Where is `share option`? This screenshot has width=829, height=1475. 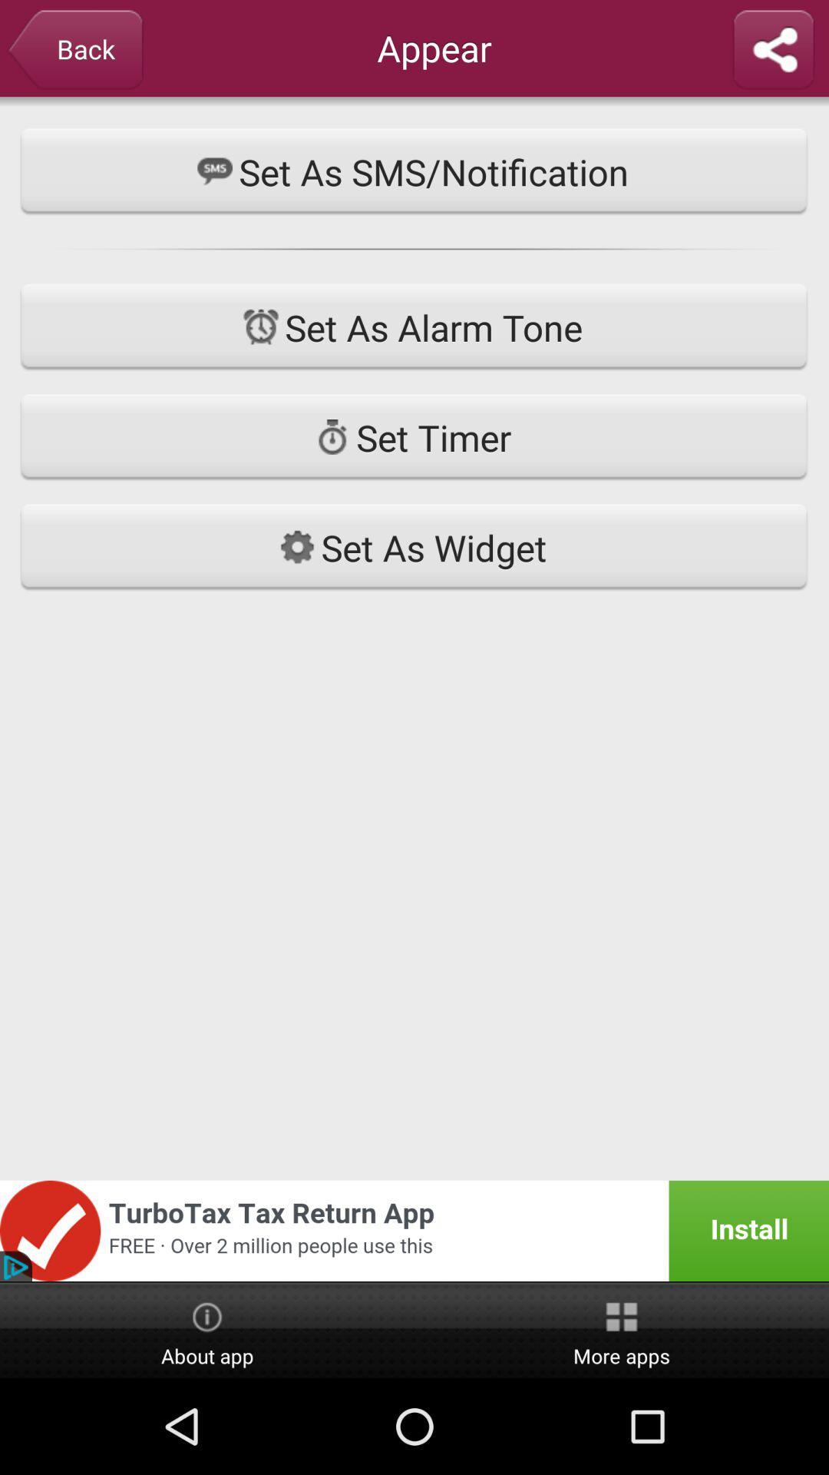 share option is located at coordinates (773, 51).